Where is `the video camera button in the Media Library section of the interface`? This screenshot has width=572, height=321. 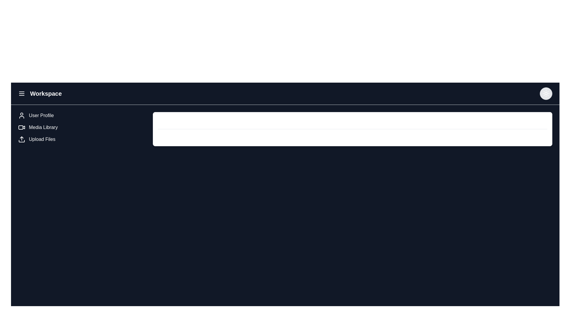
the video camera button in the Media Library section of the interface is located at coordinates (21, 127).